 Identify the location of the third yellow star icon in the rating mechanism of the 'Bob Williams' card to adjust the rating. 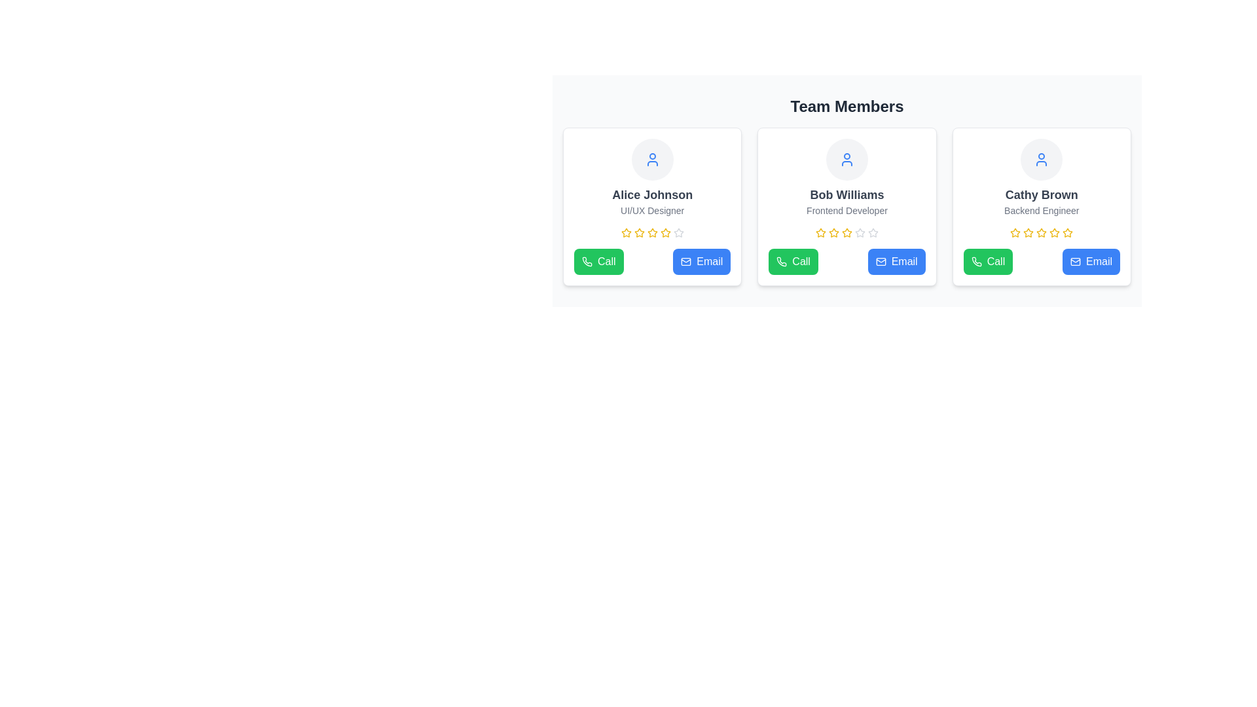
(833, 232).